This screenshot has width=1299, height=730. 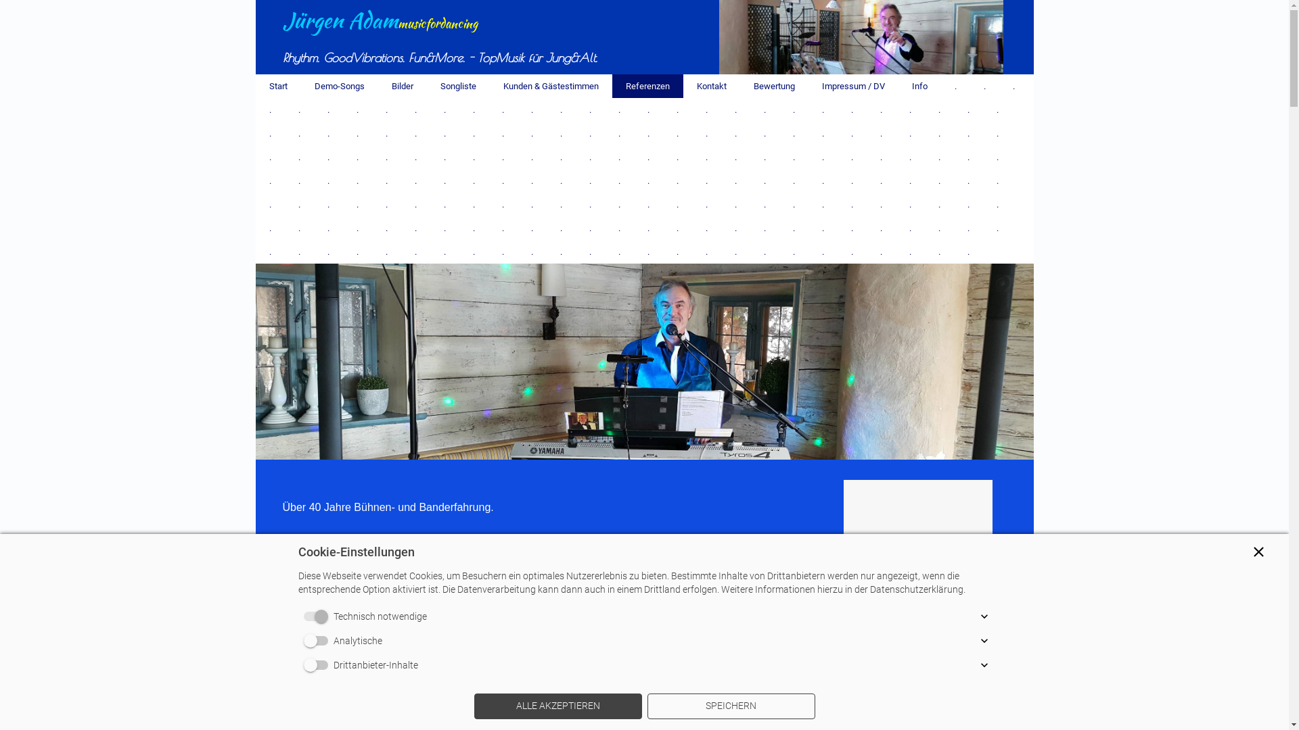 I want to click on 'Demo-Songs', so click(x=338, y=86).